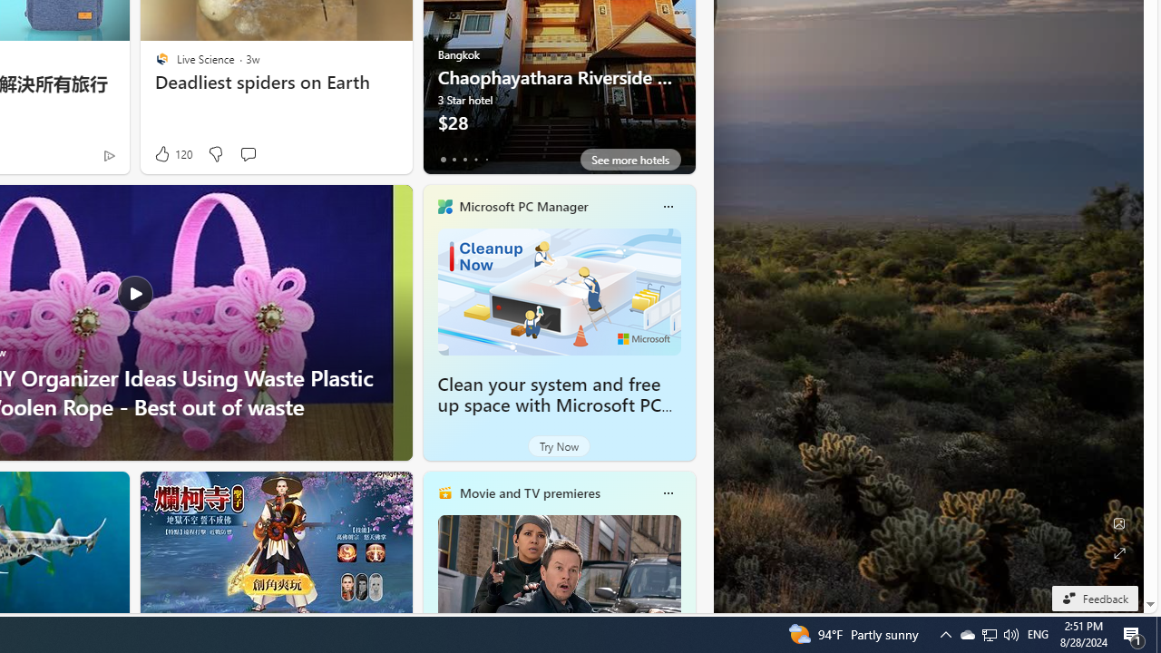  What do you see at coordinates (172, 153) in the screenshot?
I see `'120 Like'` at bounding box center [172, 153].